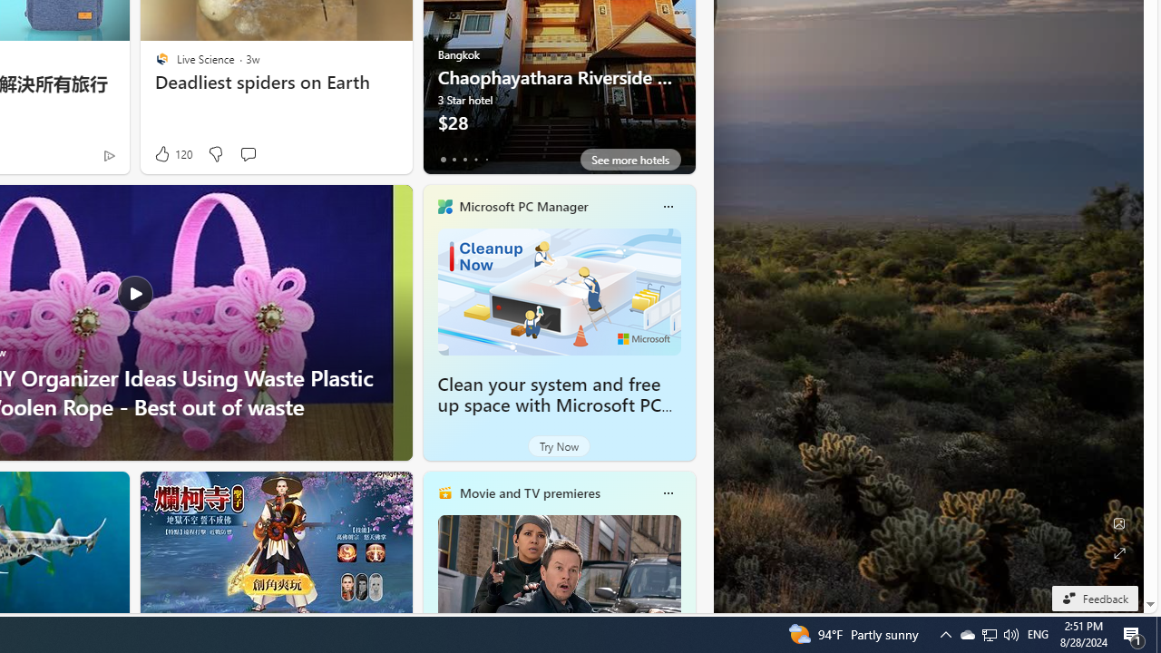  What do you see at coordinates (172, 153) in the screenshot?
I see `'120 Like'` at bounding box center [172, 153].